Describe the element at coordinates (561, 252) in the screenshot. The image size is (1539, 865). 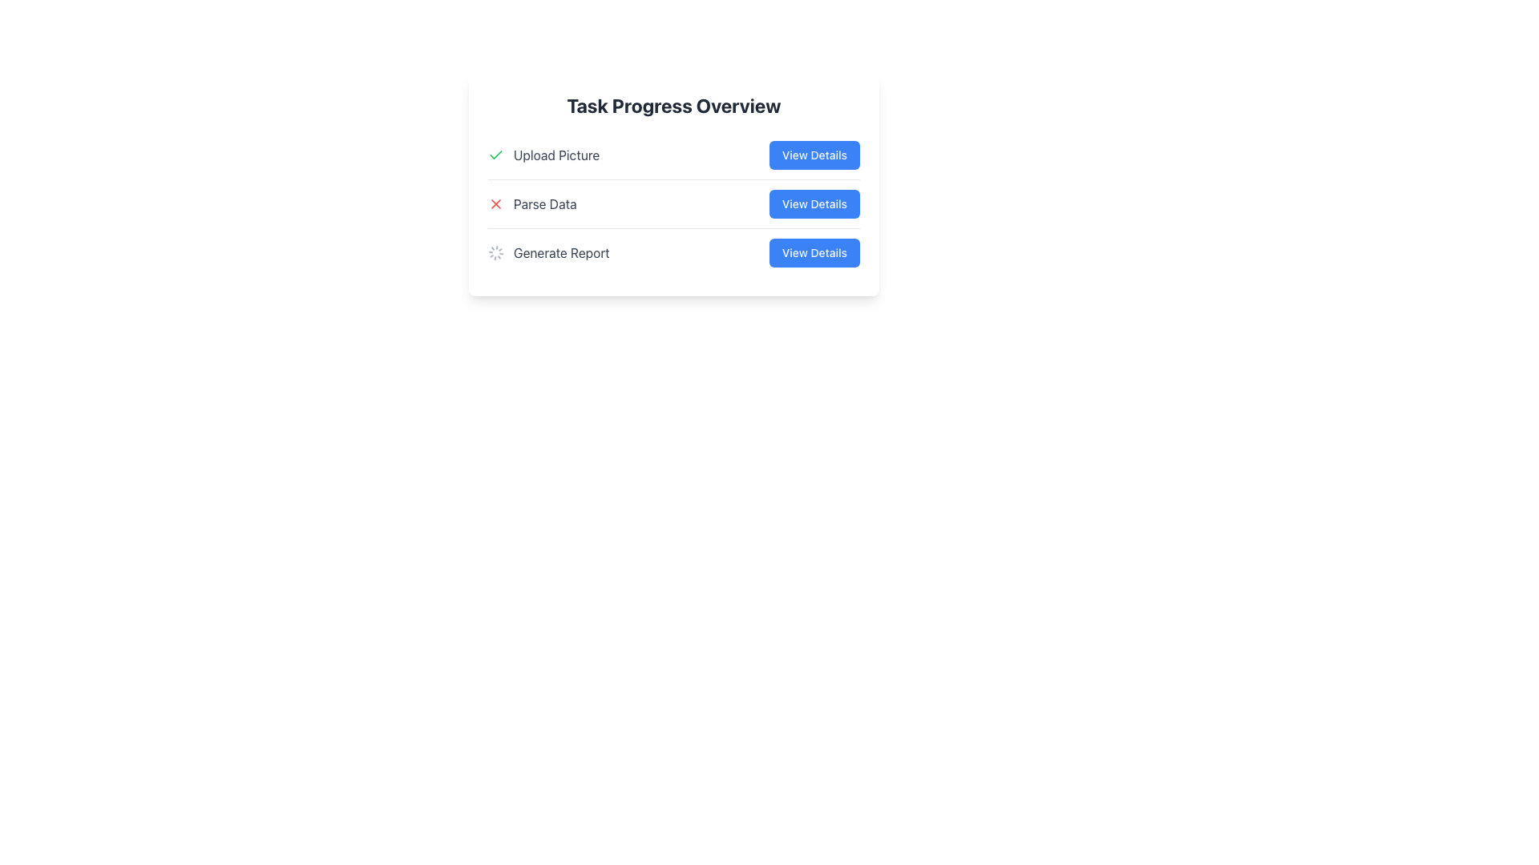
I see `the 'Generate Report' text label, which is gray and located in the 'Task Progress Overview' panel below 'Upload Picture' and 'Parse Data'` at that location.